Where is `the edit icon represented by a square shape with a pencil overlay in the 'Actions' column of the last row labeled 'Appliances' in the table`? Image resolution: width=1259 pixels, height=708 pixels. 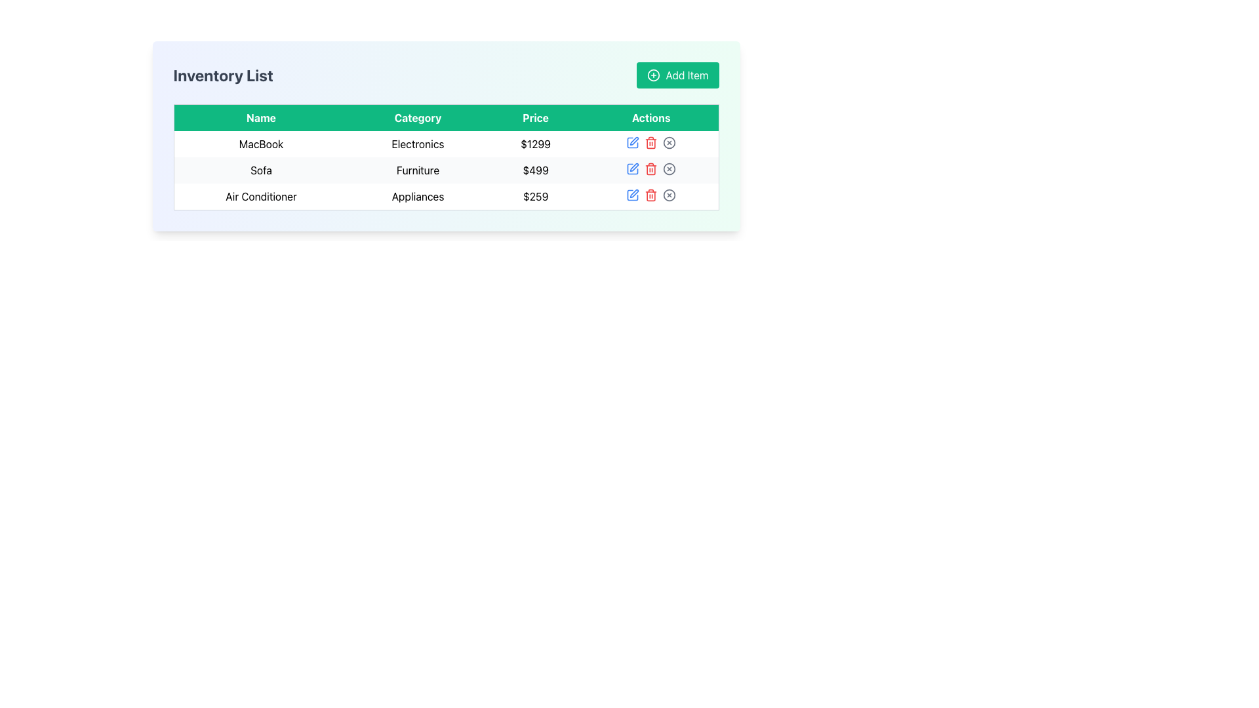
the edit icon represented by a square shape with a pencil overlay in the 'Actions' column of the last row labeled 'Appliances' in the table is located at coordinates (633, 195).